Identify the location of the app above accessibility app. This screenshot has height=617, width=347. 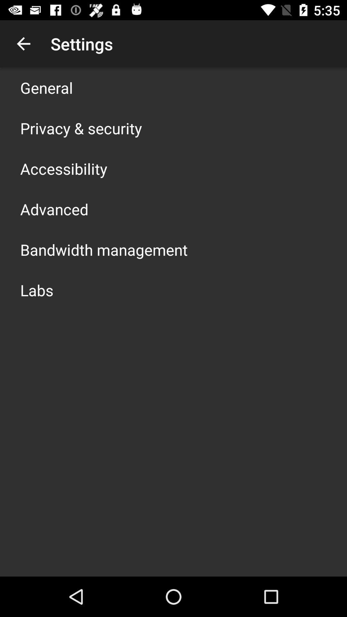
(81, 128).